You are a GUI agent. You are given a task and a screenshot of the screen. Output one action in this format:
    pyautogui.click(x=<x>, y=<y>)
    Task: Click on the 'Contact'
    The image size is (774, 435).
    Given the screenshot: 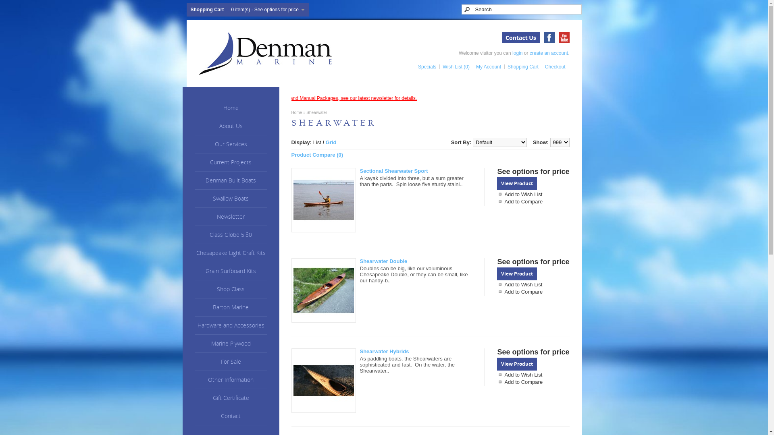 What is the action you would take?
    pyautogui.click(x=194, y=416)
    